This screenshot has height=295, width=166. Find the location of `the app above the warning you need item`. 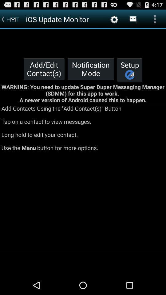

the app above the warning you need item is located at coordinates (129, 70).